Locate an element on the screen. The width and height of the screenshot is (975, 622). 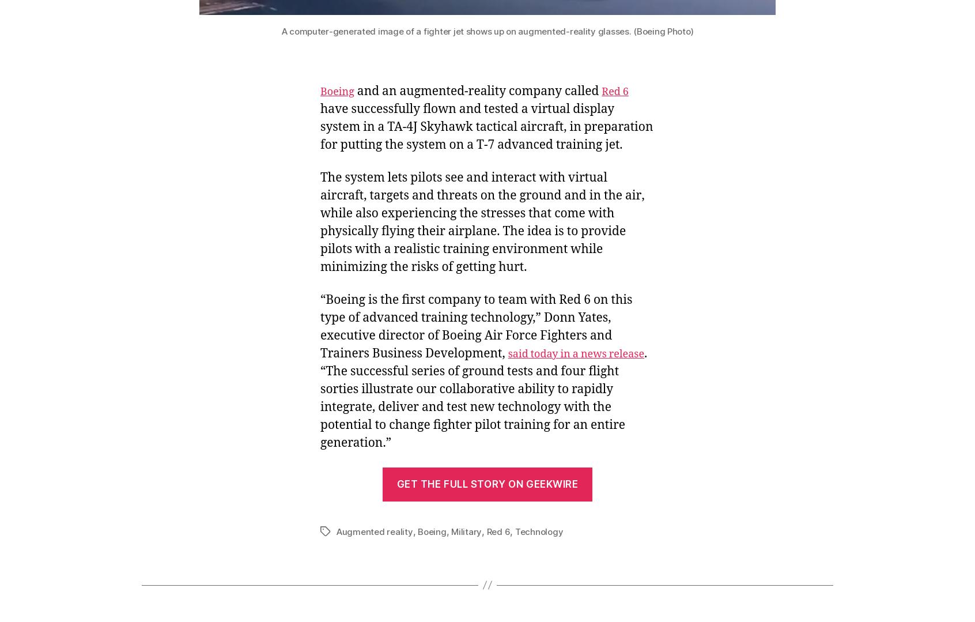
'Powered by WordPress.com' is located at coordinates (397, 498).